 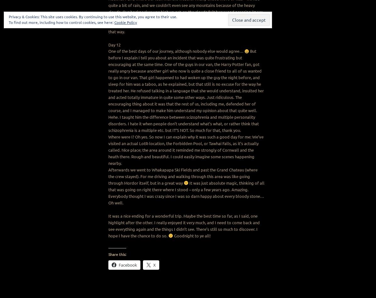 What do you see at coordinates (9, 16) in the screenshot?
I see `'Privacy & Cookies: This site uses cookies. By continuing to use this website, you agree to their use.'` at bounding box center [9, 16].